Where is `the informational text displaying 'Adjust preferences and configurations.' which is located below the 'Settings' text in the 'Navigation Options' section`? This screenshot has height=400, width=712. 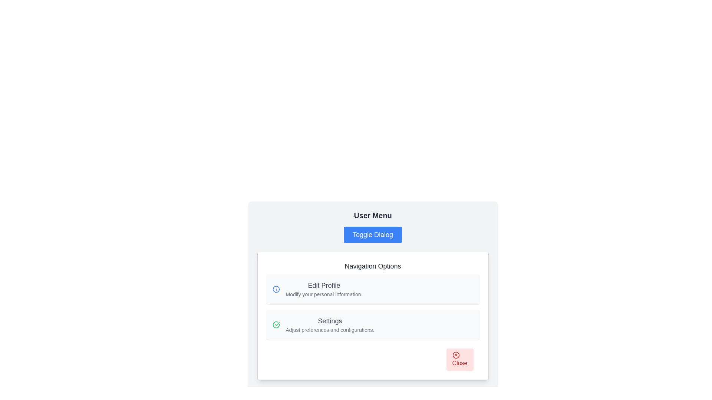 the informational text displaying 'Adjust preferences and configurations.' which is located below the 'Settings' text in the 'Navigation Options' section is located at coordinates (329, 330).